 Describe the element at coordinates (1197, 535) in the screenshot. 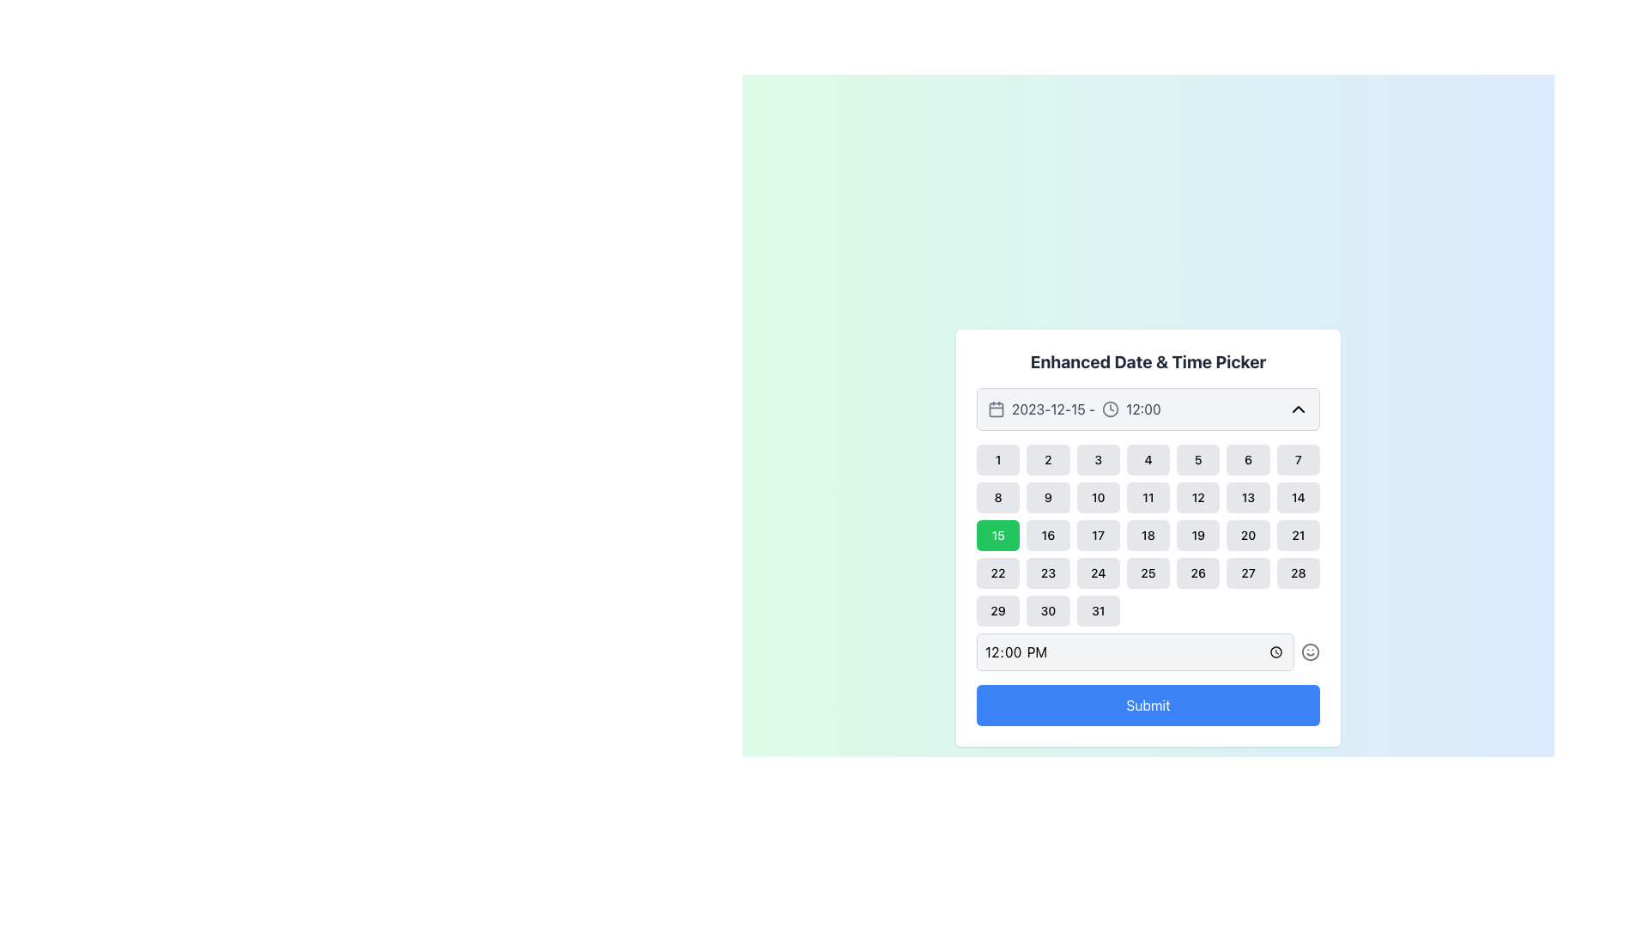

I see `the rounded rectangular button labeled '19' in the date picker` at that location.